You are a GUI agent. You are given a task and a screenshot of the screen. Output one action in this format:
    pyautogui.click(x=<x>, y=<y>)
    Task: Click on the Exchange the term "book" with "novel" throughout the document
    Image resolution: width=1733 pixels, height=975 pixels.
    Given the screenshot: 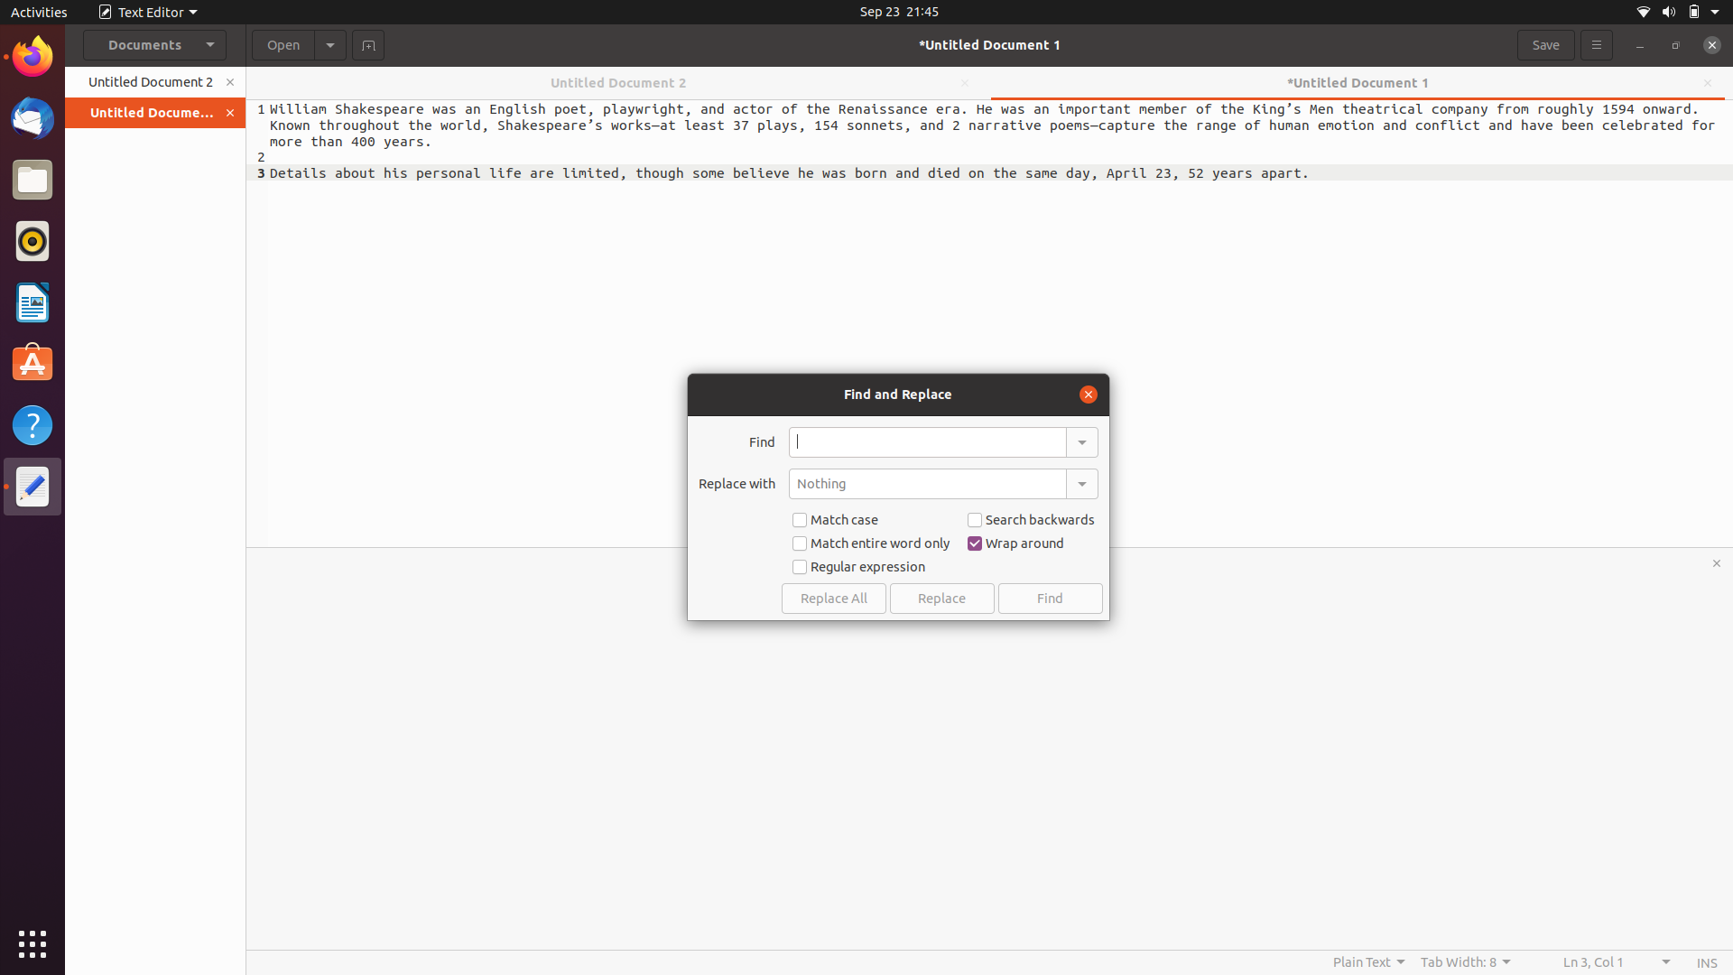 What is the action you would take?
    pyautogui.click(x=927, y=441)
    